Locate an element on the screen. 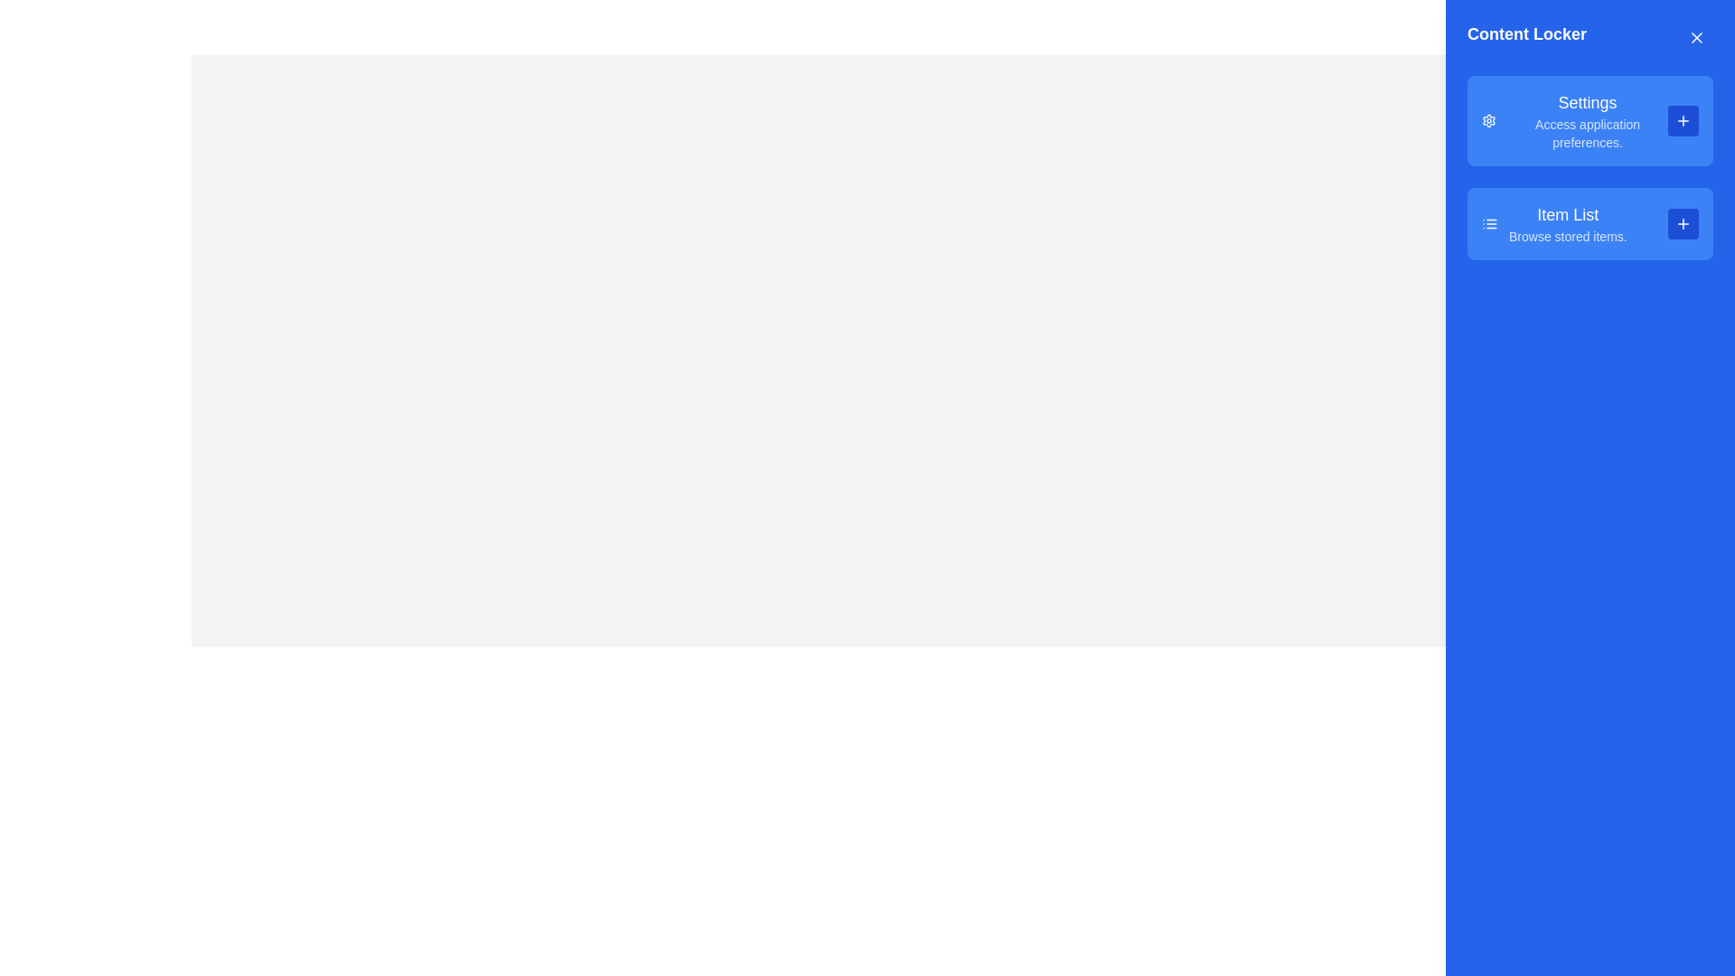  the circular settings icon located next to the 'Settings' label in the 'Content Locker' panel is located at coordinates (1489, 121).